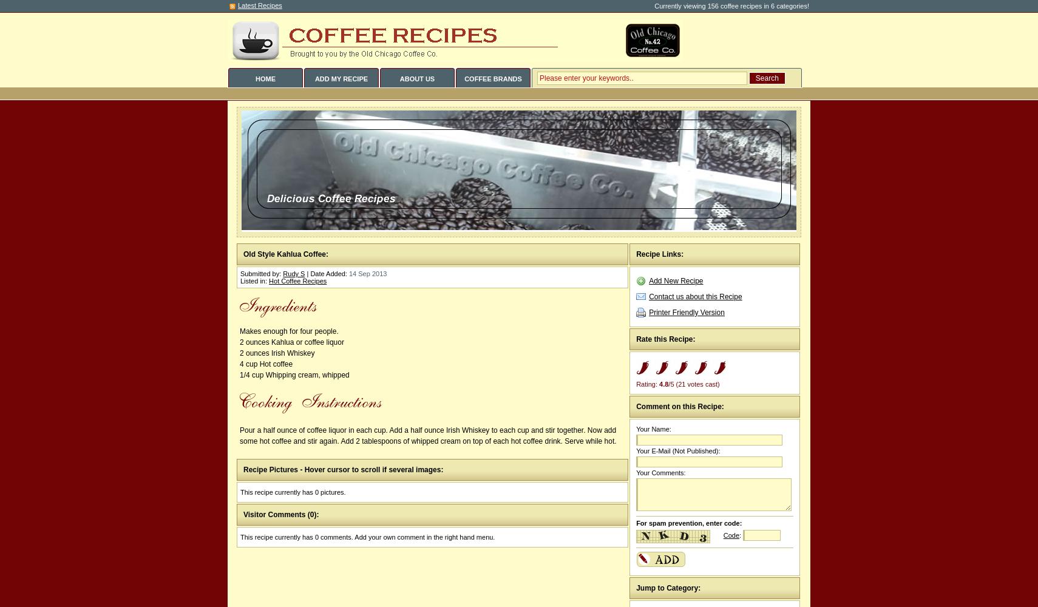 This screenshot has width=1038, height=607. I want to click on 'This recipe currently has 0 comments. Add your own comment in the right hand menu.', so click(367, 537).